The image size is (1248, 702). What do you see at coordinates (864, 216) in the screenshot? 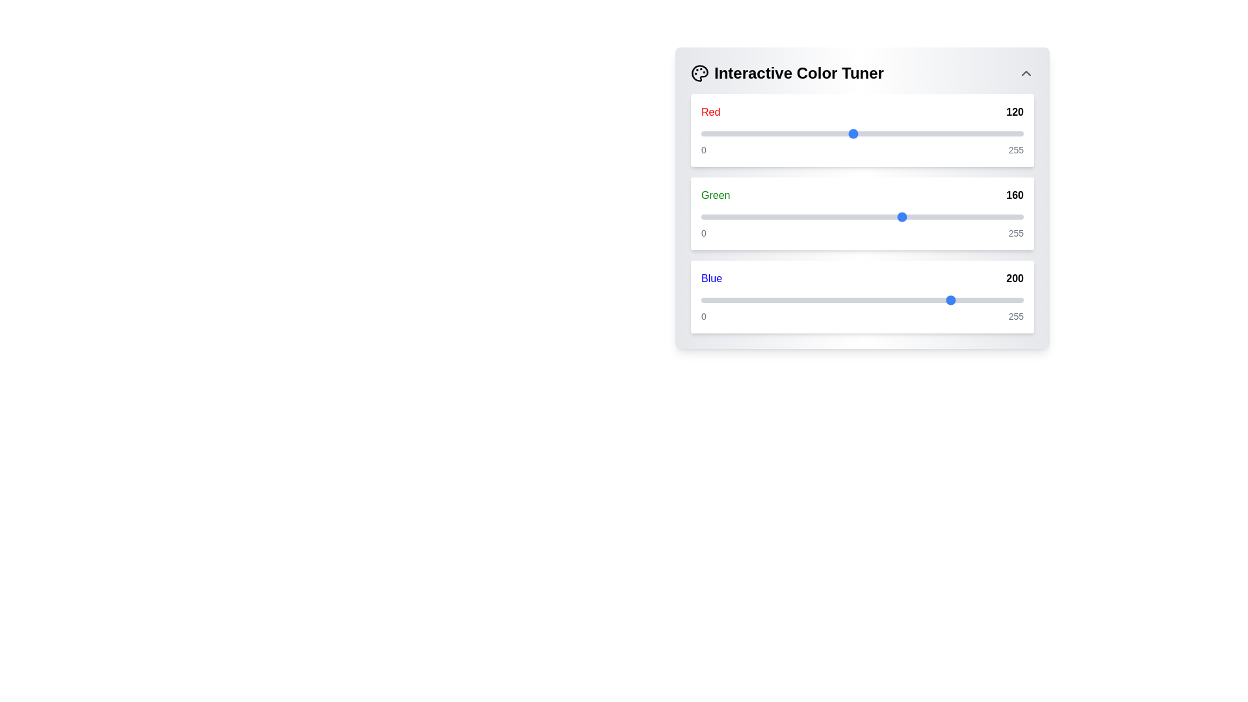
I see `the green component value` at bounding box center [864, 216].